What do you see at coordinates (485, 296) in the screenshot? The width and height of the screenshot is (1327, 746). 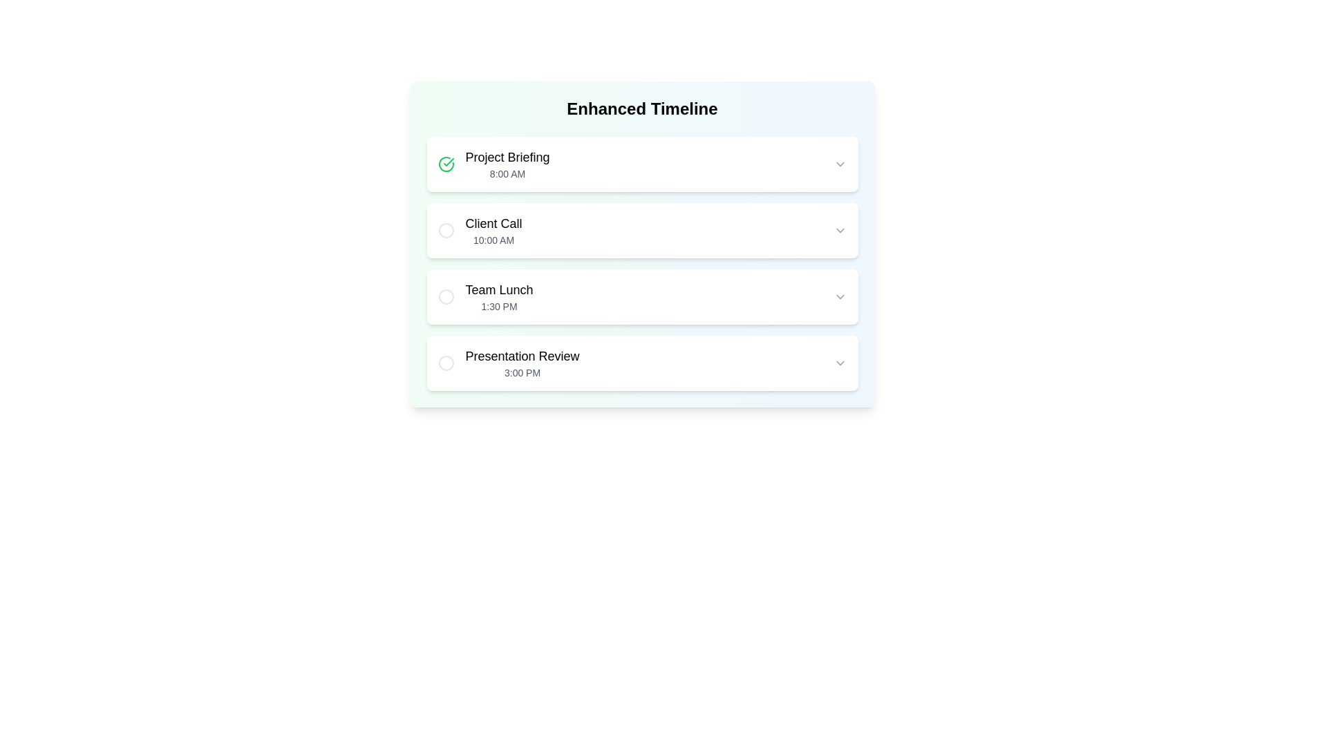 I see `the timeline entry titled 'Team Lunch' scheduled at 1:30 PM` at bounding box center [485, 296].